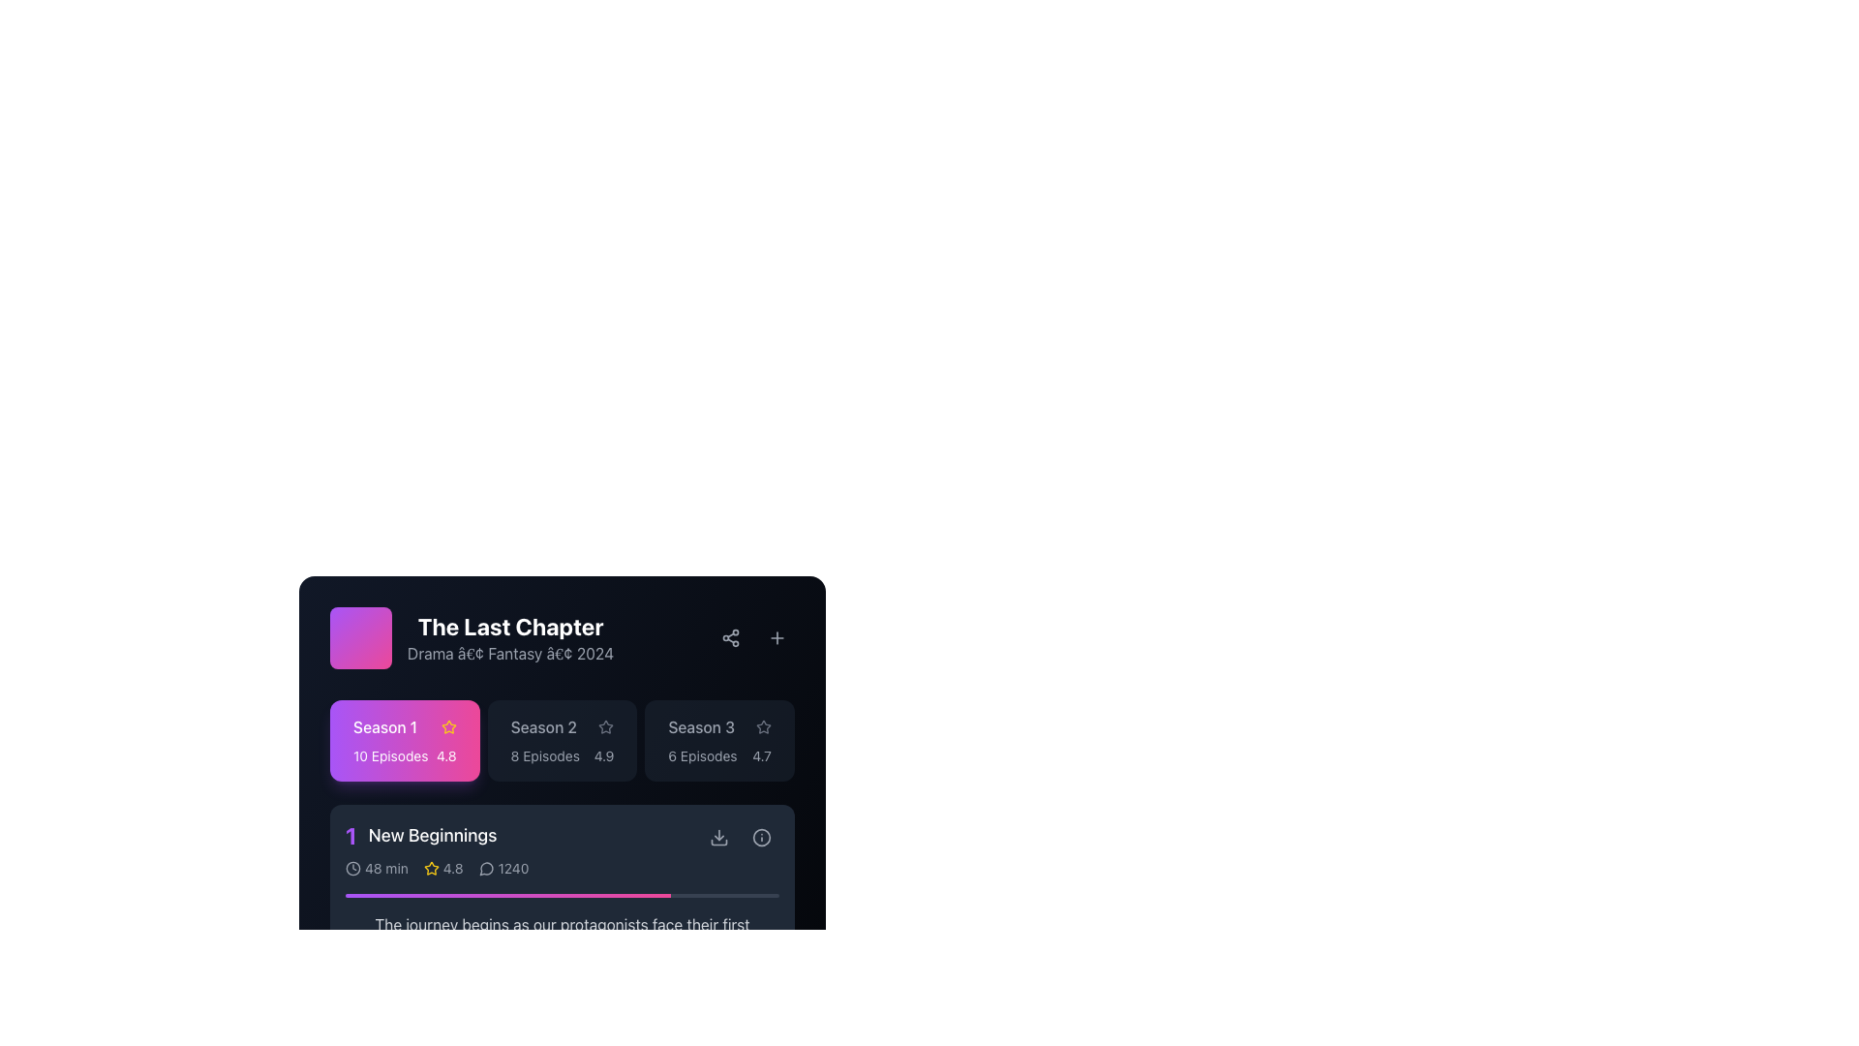 Image resolution: width=1859 pixels, height=1046 pixels. I want to click on the 'Season 2' Text Button with Icon, so click(561, 727).